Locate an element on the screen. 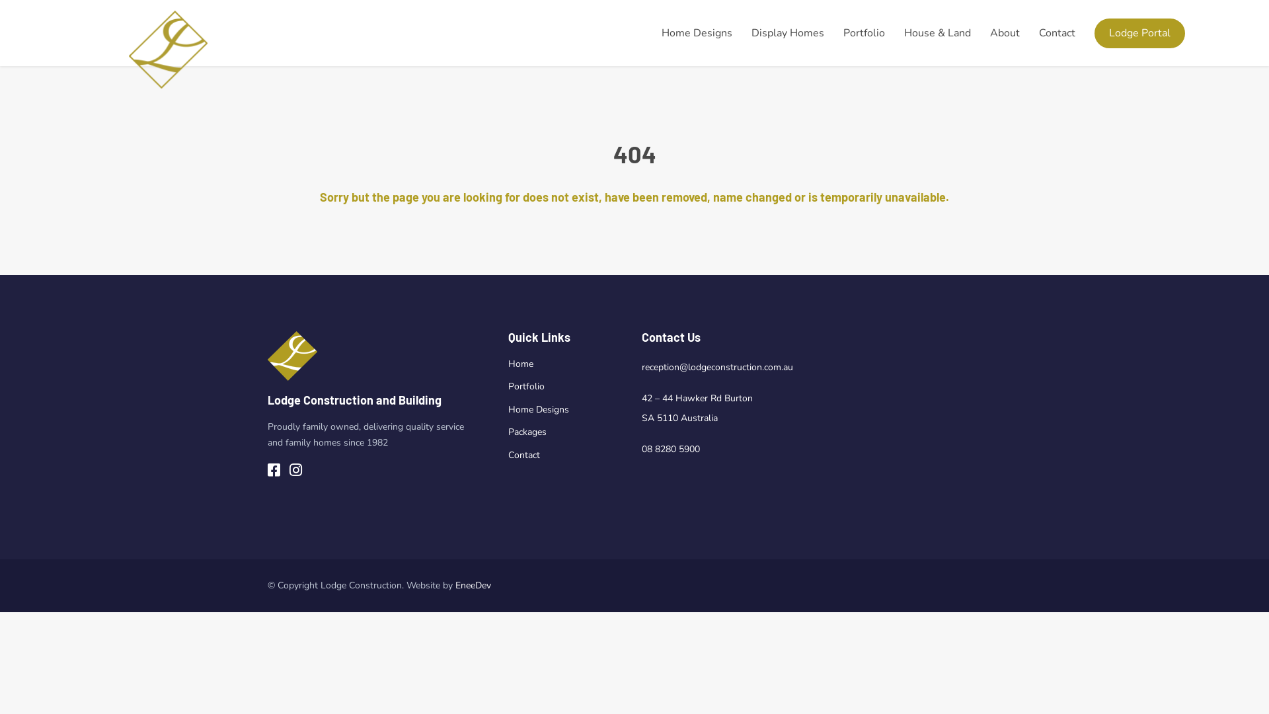  'EneeDev' is located at coordinates (473, 584).